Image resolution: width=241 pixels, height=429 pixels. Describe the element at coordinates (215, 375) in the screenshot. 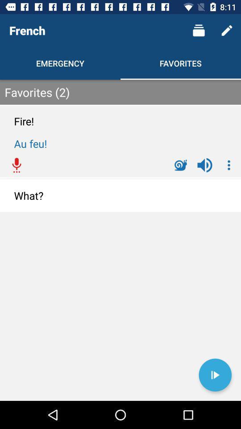

I see `icon at the bottom right corner` at that location.